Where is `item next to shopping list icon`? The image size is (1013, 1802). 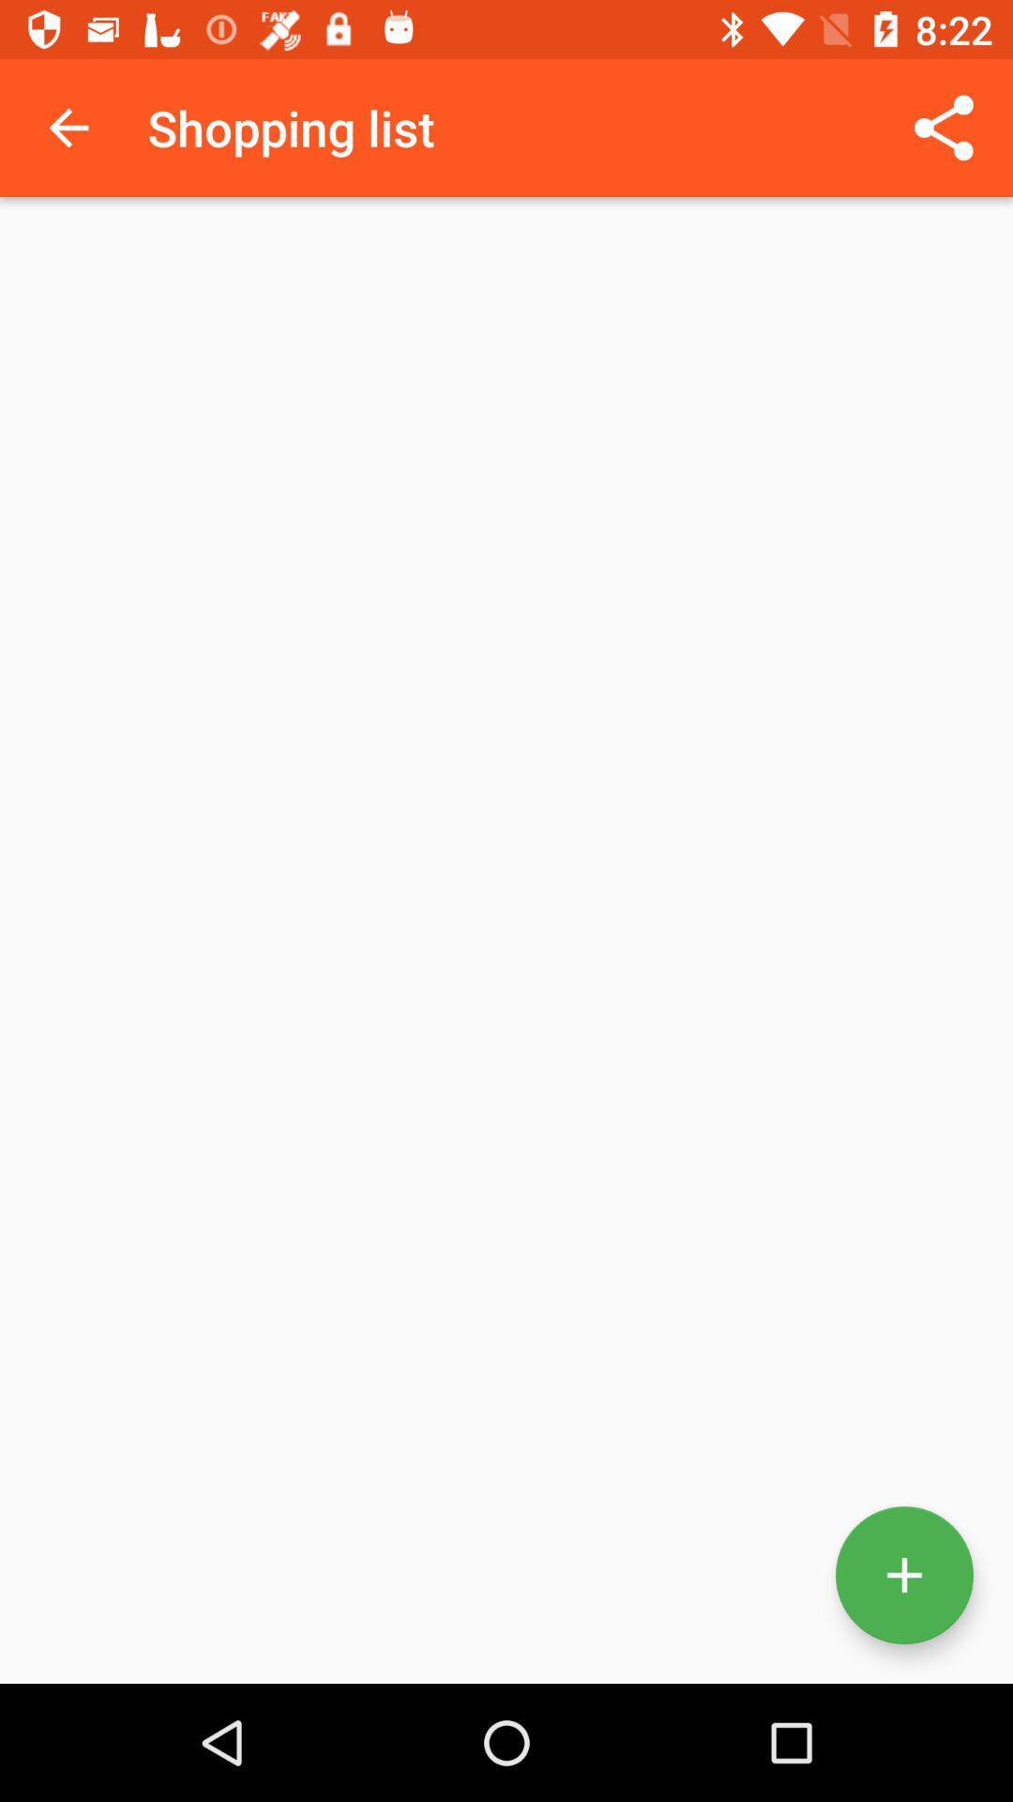
item next to shopping list icon is located at coordinates (68, 127).